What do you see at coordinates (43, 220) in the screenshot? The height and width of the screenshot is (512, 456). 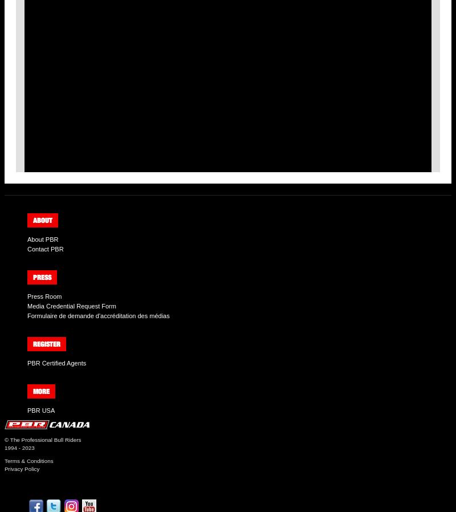 I see `'About'` at bounding box center [43, 220].